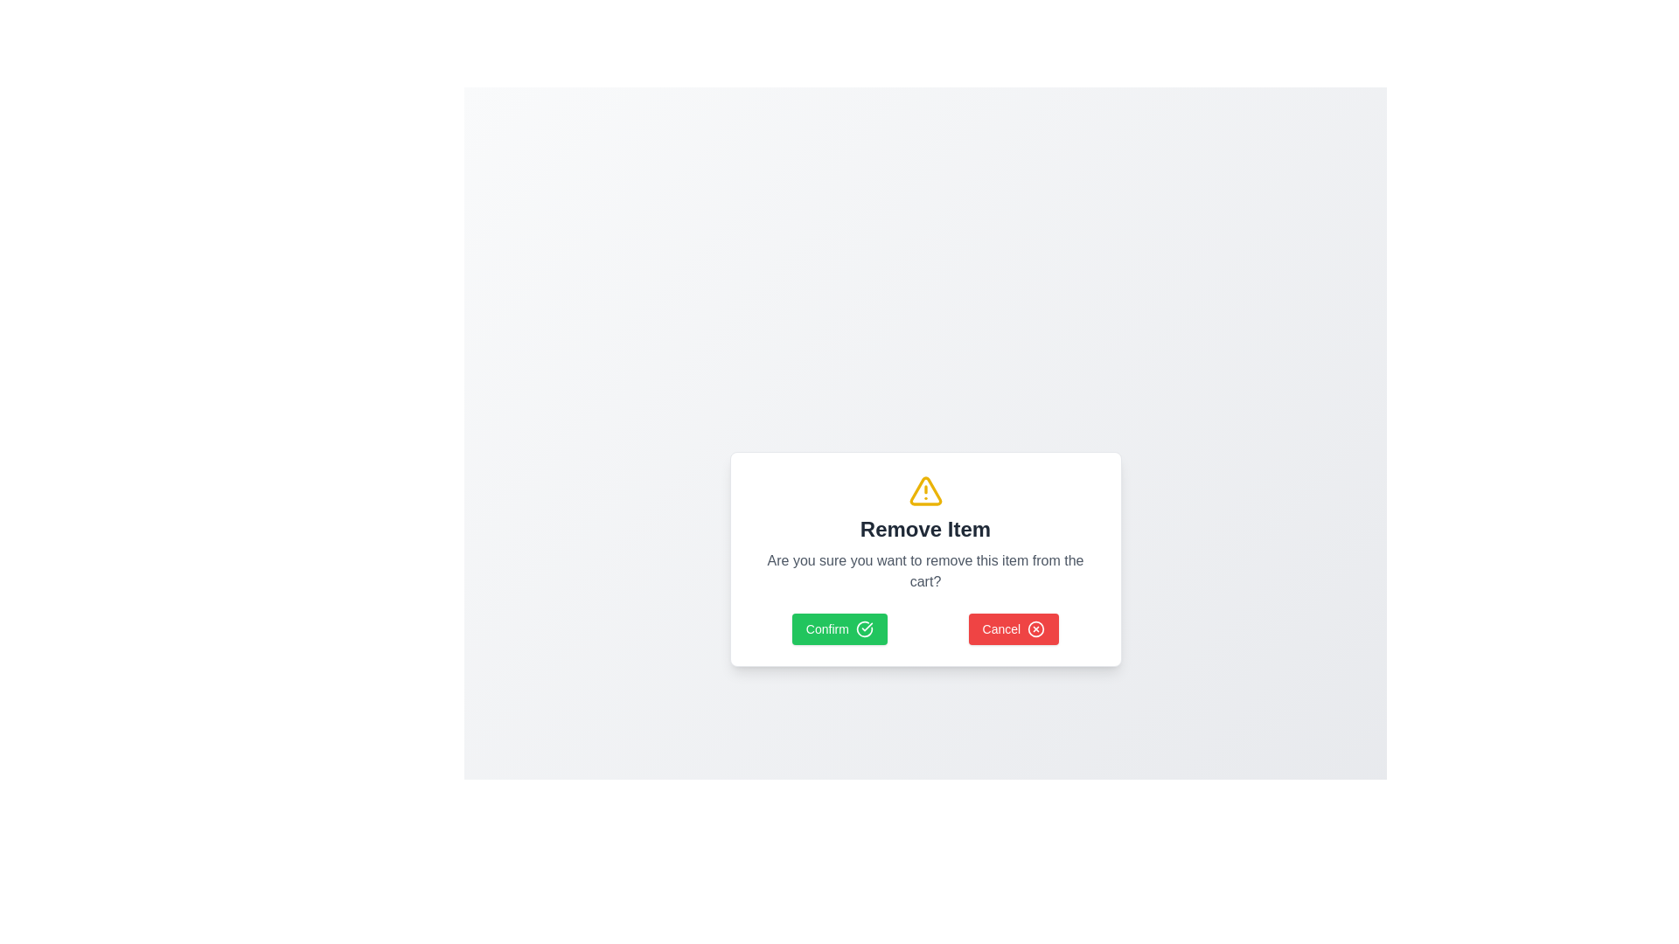 This screenshot has width=1679, height=944. I want to click on displayed message on the confirmation modal dialog that ensures the user wants to proceed with removing an item from the cart, so click(924, 559).